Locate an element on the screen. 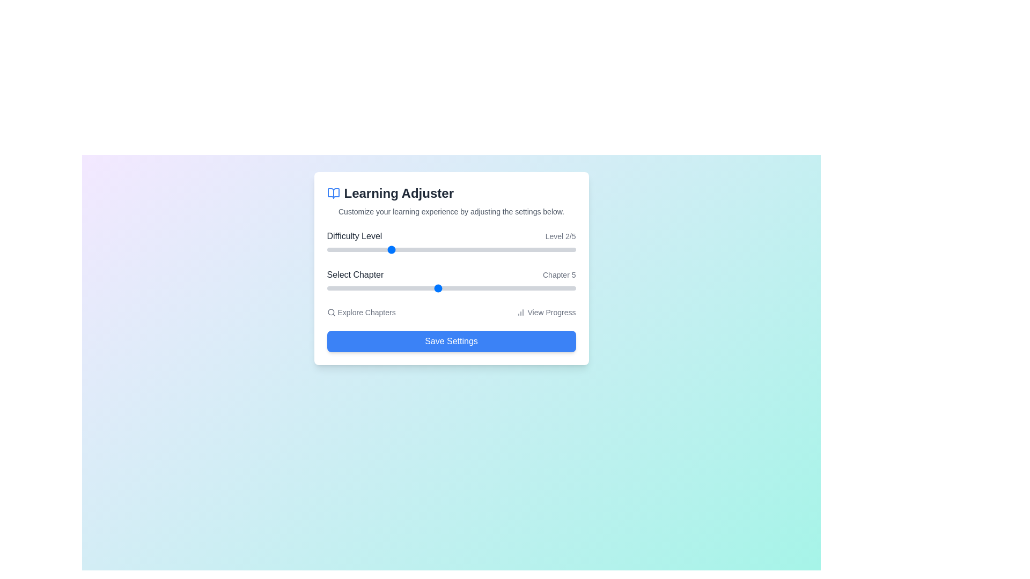  the learning difficulty level is located at coordinates (326, 250).